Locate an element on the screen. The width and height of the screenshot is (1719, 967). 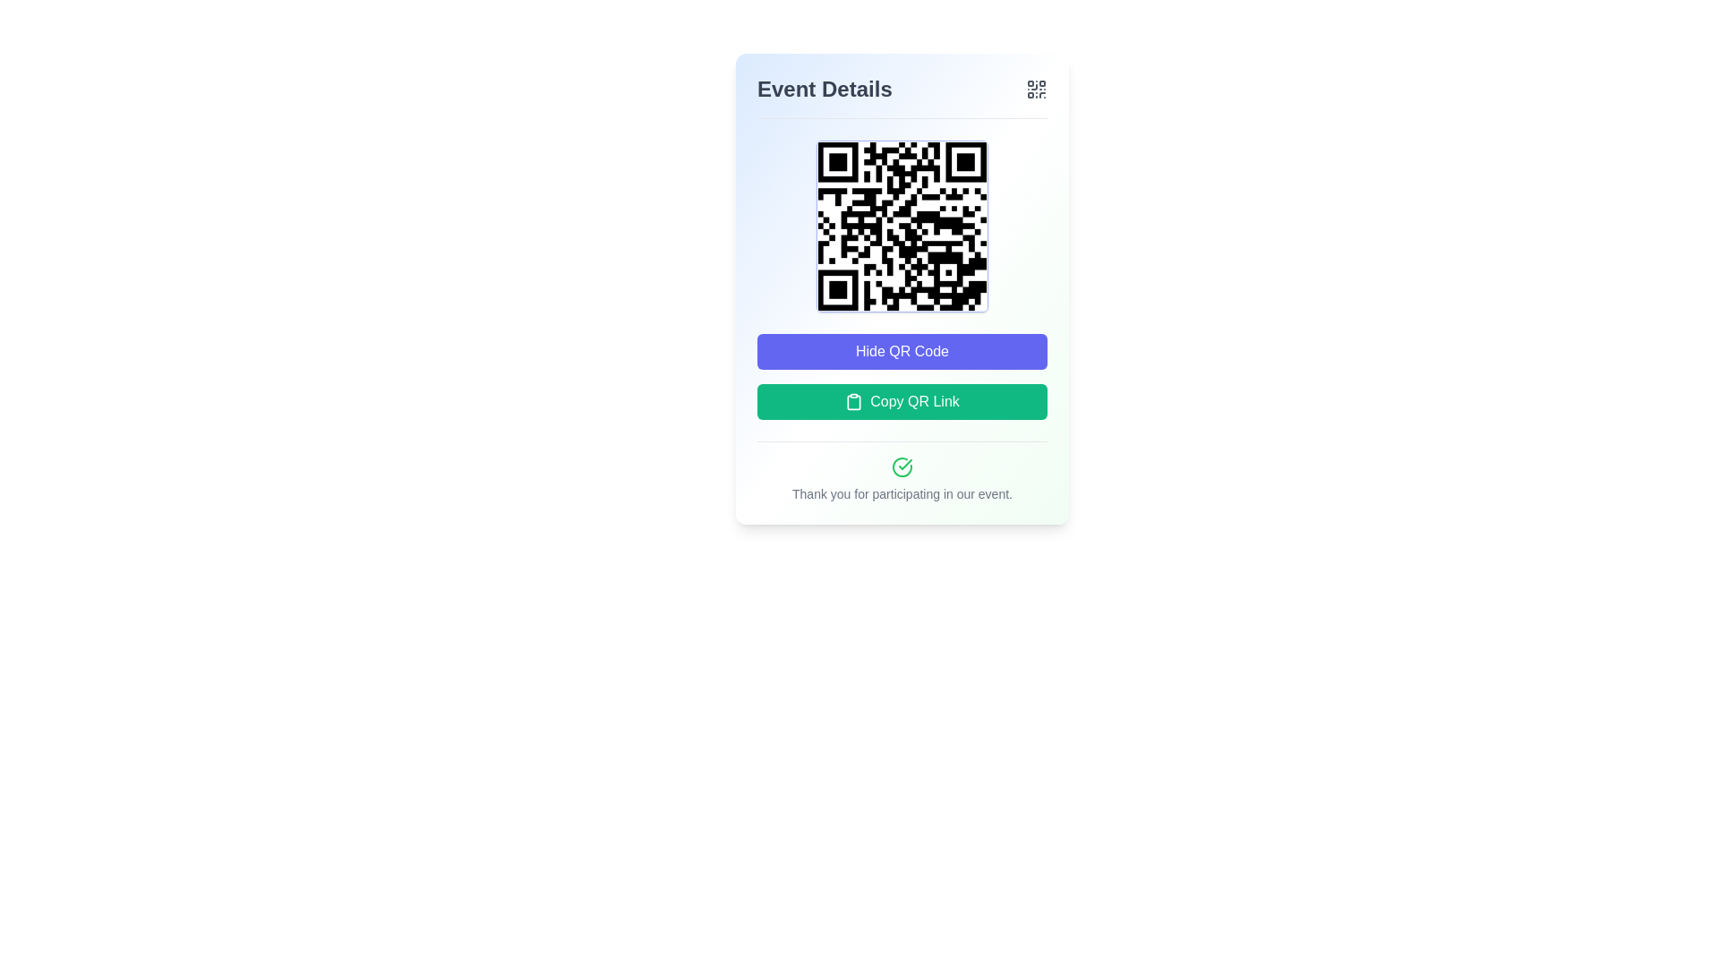
the decorative icon that indicates successful completion, which is centered above the text 'Thank you for participating in our event.' is located at coordinates (902, 466).